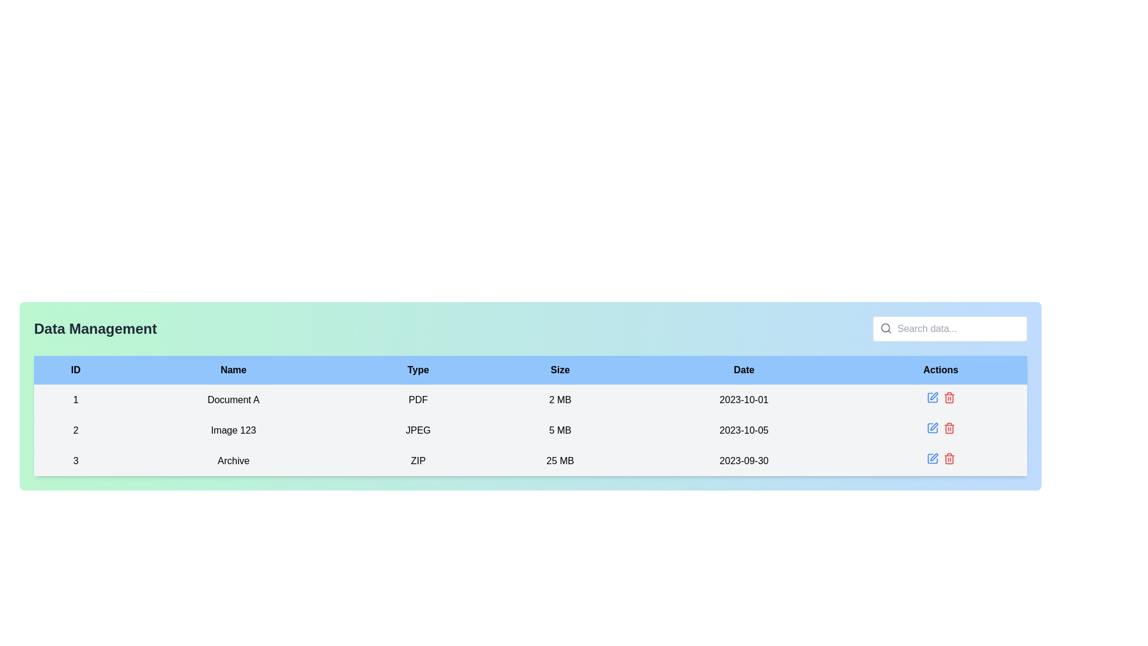  Describe the element at coordinates (530, 460) in the screenshot. I see `the third row of the table which contains the file details for 'Archive' (ZIP, 25 MB, 2023-09-30)` at that location.